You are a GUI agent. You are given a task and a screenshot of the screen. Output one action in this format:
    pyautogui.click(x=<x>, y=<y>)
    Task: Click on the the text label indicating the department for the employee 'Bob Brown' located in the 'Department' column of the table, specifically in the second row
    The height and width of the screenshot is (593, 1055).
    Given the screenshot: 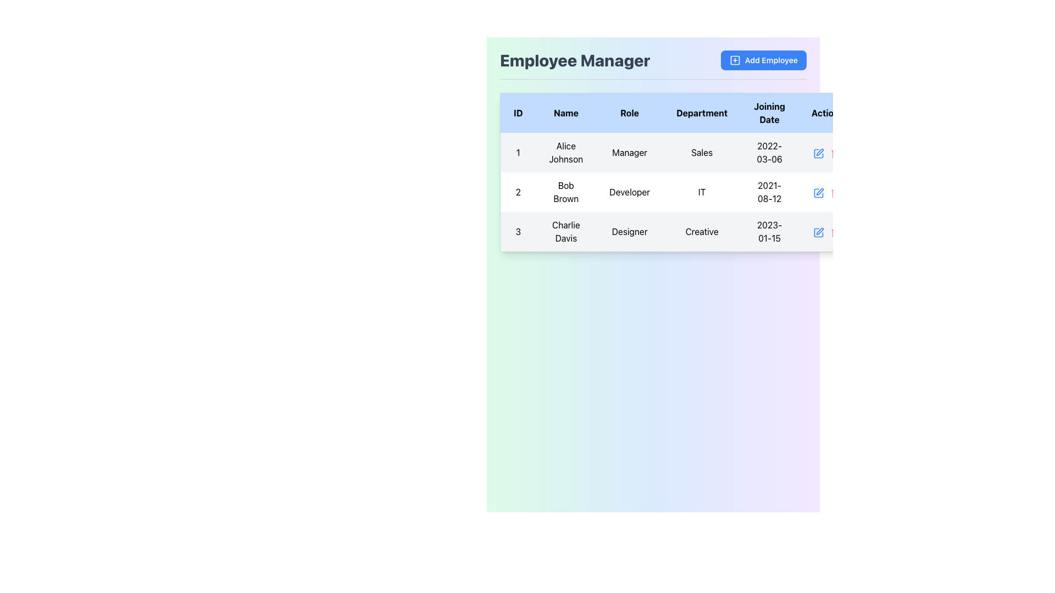 What is the action you would take?
    pyautogui.click(x=701, y=192)
    